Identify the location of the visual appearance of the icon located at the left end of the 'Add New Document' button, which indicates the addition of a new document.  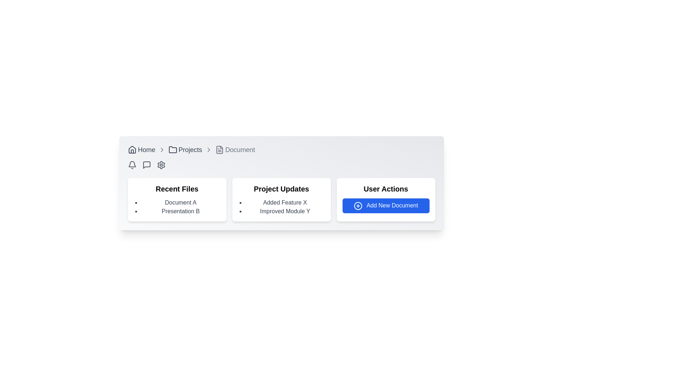
(358, 206).